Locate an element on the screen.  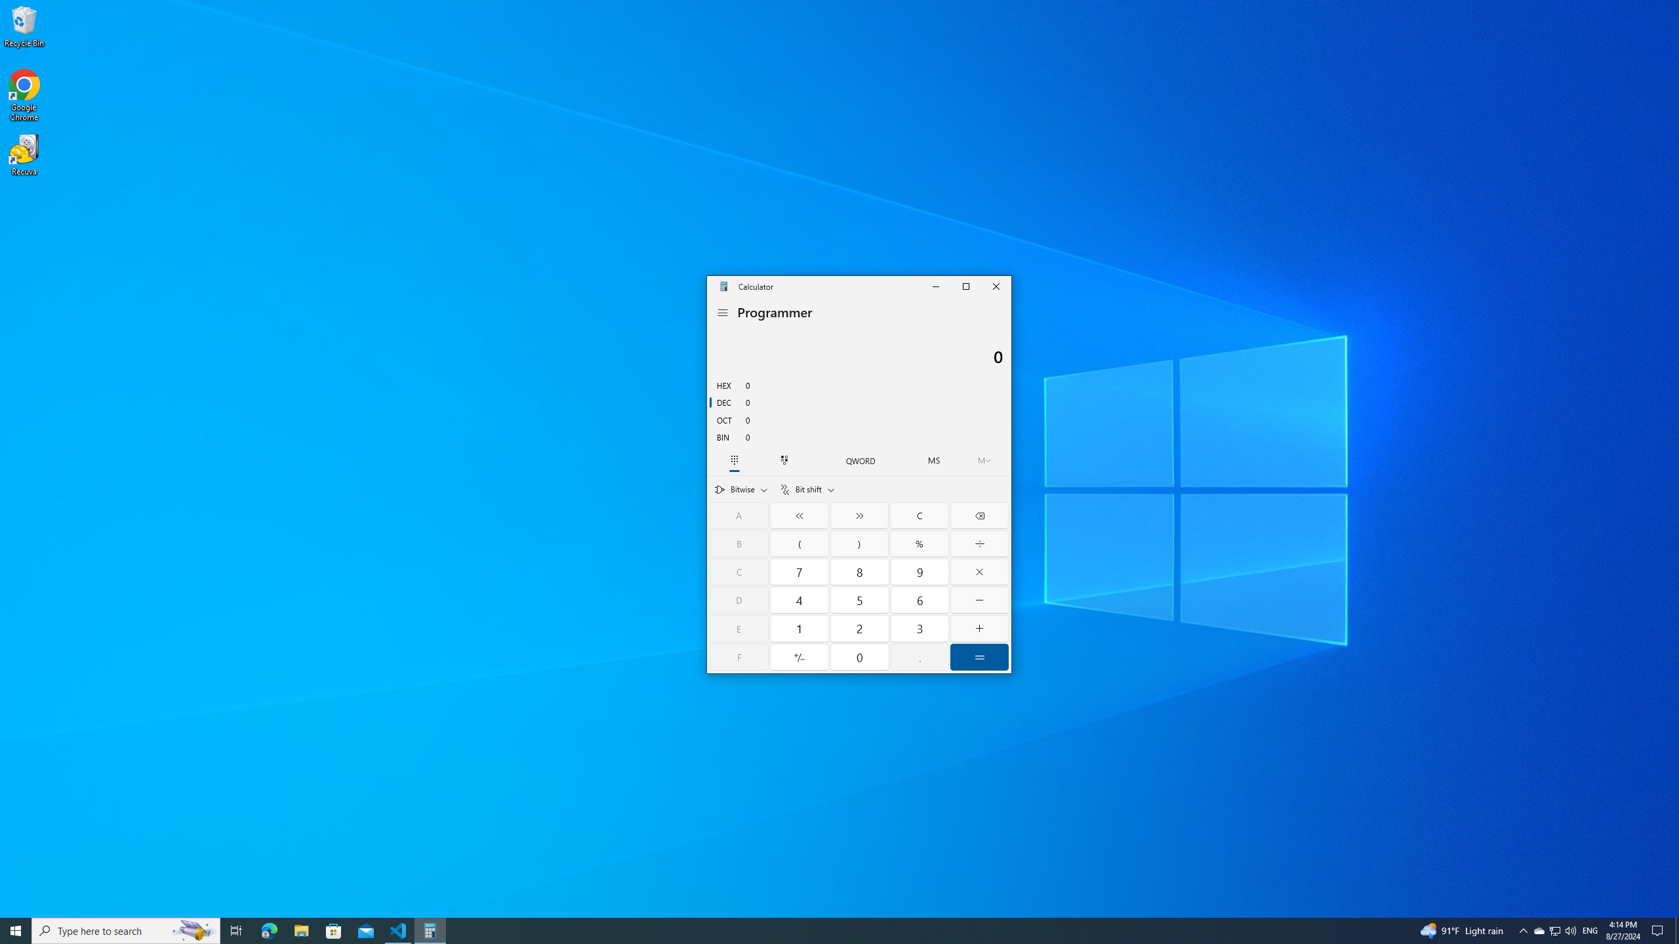
'Left shift' is located at coordinates (799, 515).